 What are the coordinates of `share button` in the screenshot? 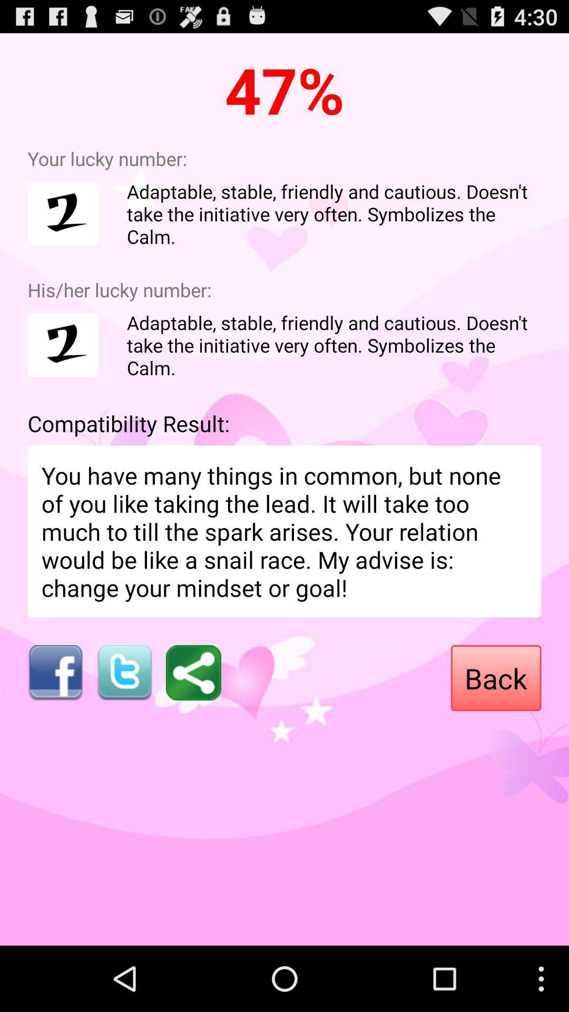 It's located at (193, 672).